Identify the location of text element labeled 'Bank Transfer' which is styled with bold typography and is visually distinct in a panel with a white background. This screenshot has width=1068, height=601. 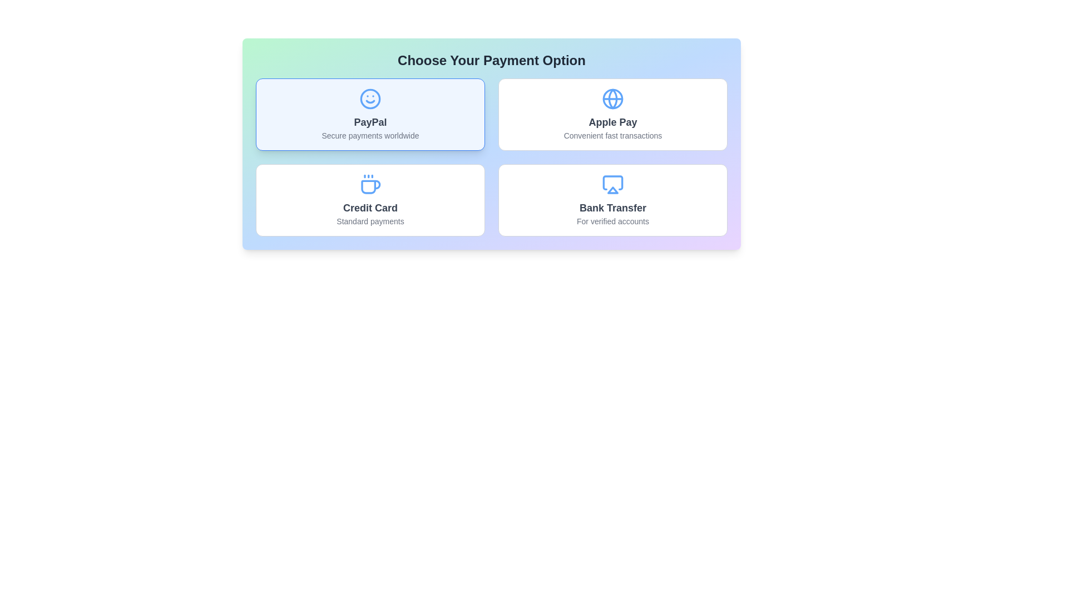
(612, 208).